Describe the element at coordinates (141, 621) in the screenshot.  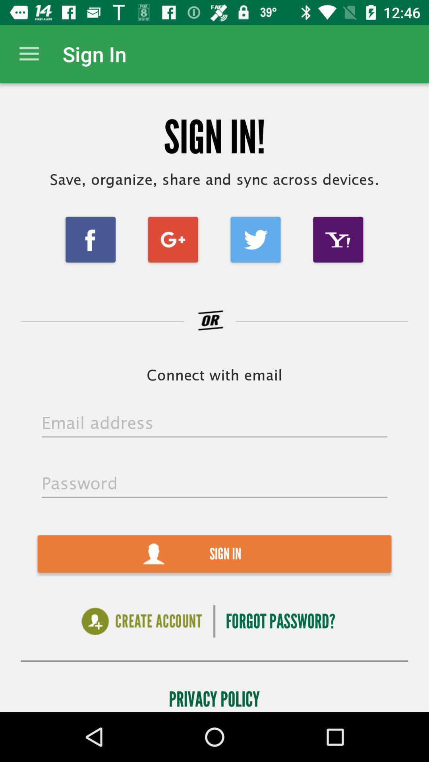
I see `new account` at that location.